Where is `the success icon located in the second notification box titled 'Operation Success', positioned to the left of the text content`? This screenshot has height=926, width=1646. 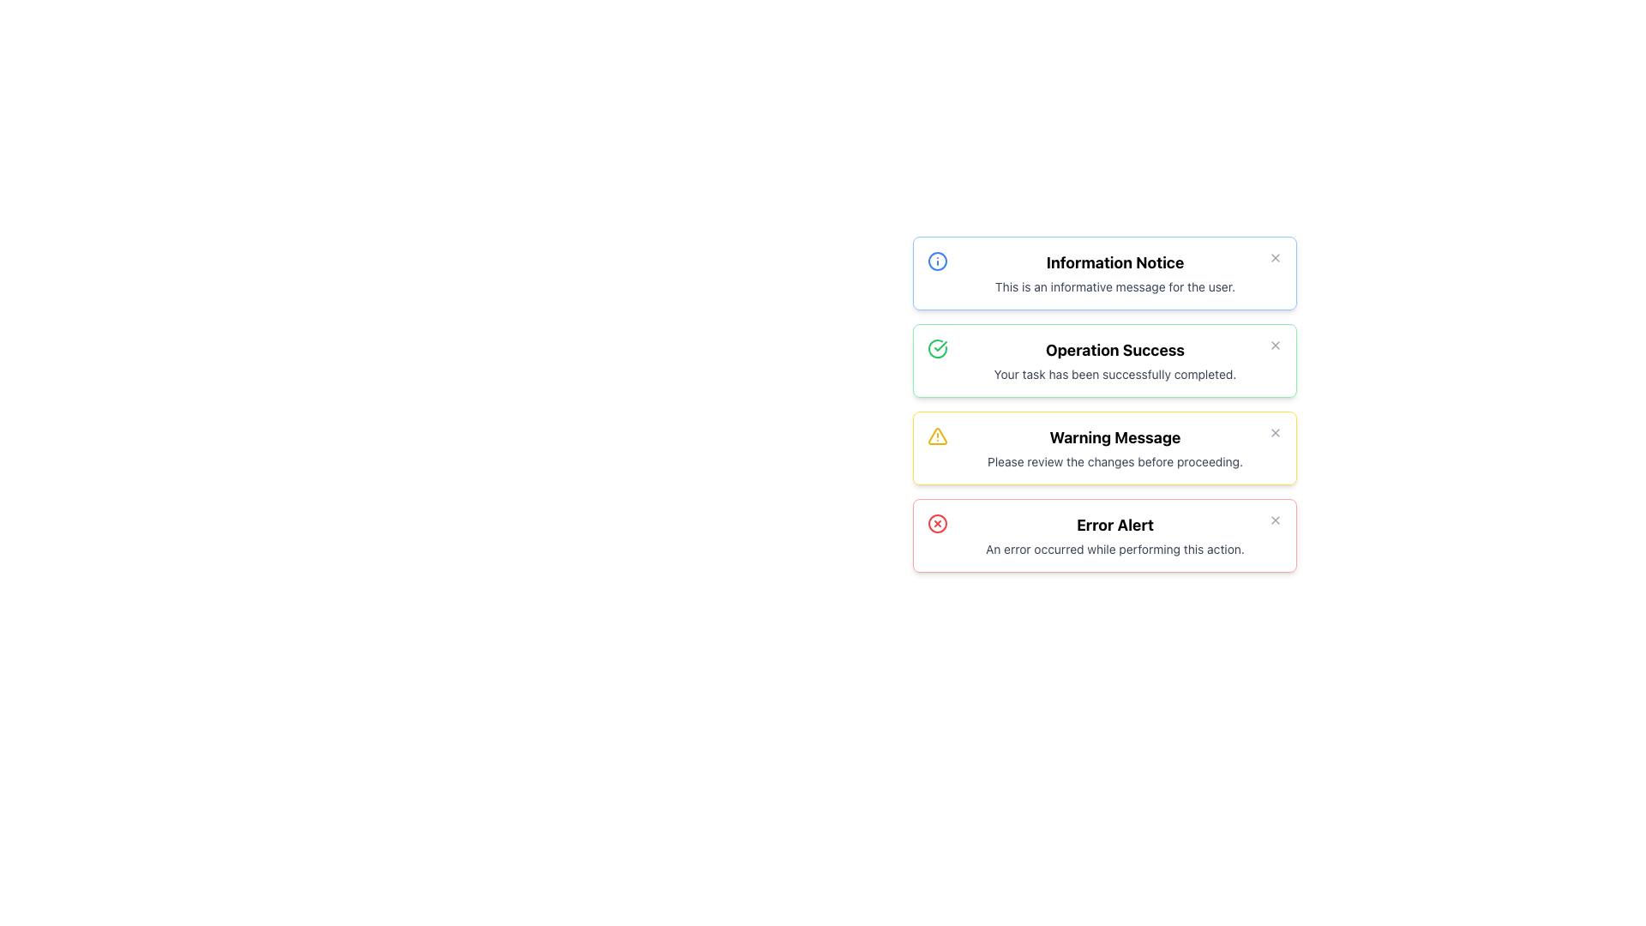
the success icon located in the second notification box titled 'Operation Success', positioned to the left of the text content is located at coordinates (940, 346).